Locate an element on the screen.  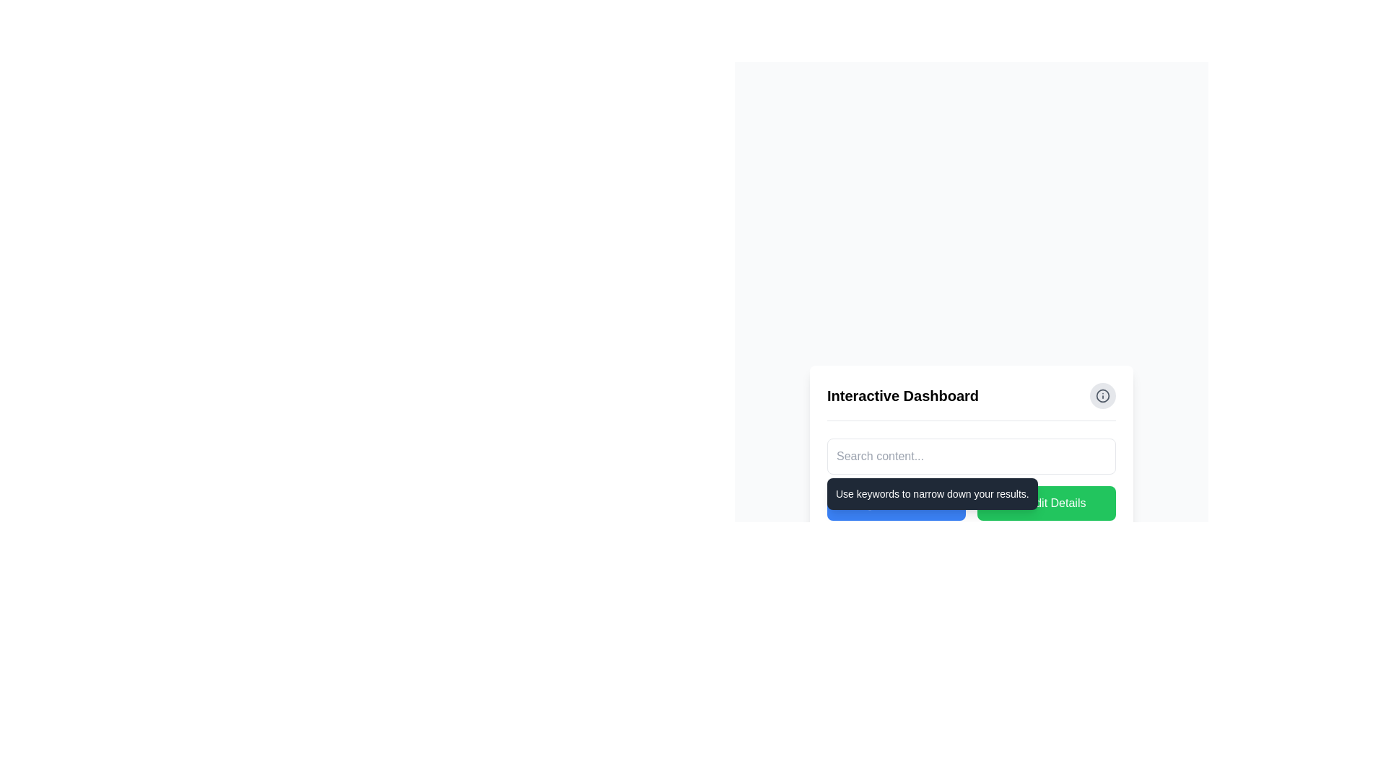
the circular information icon located at the top right corner of the card-like interface section, which features a thin dark border and an internal vertical line with a dot is located at coordinates (1102, 395).